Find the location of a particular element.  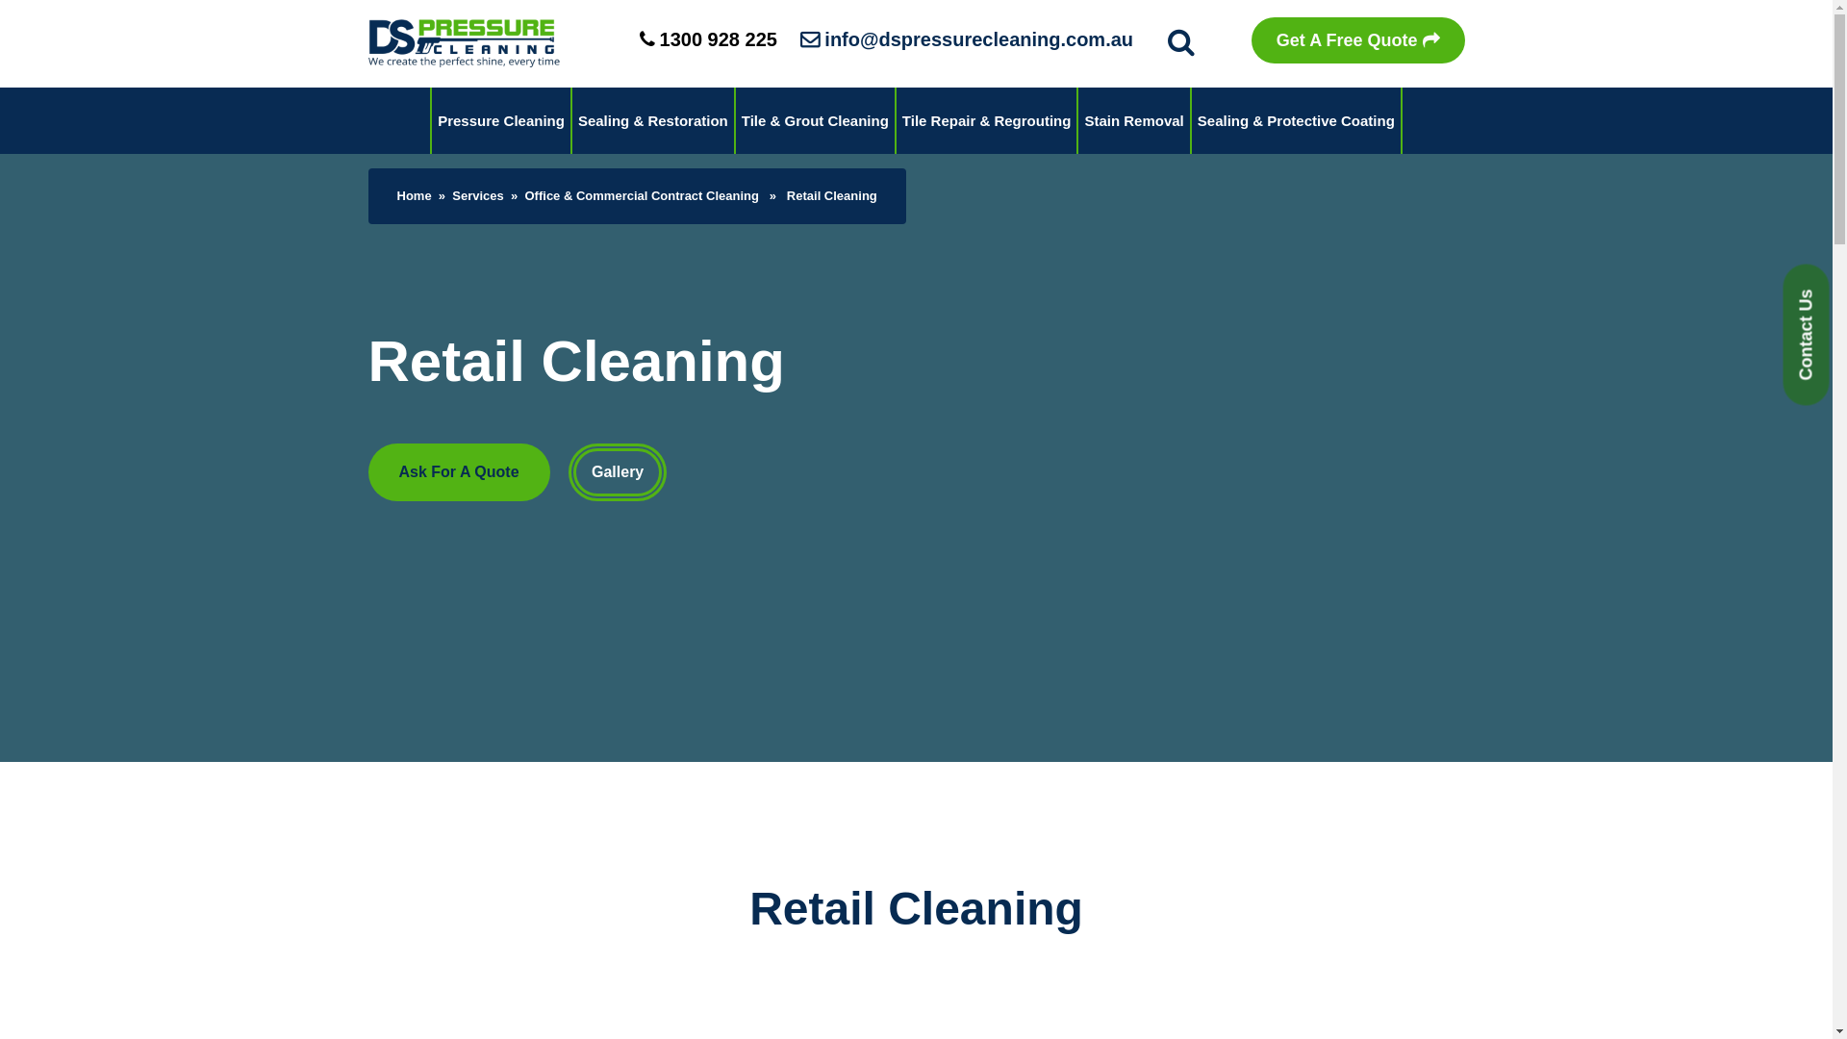

'Get A Free Quote' is located at coordinates (1356, 40).